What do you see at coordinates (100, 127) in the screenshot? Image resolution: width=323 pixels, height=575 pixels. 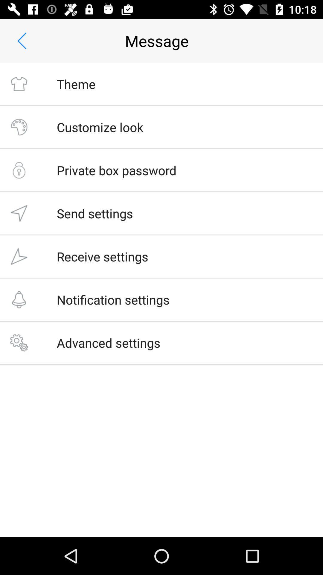 I see `icon above the private box password` at bounding box center [100, 127].